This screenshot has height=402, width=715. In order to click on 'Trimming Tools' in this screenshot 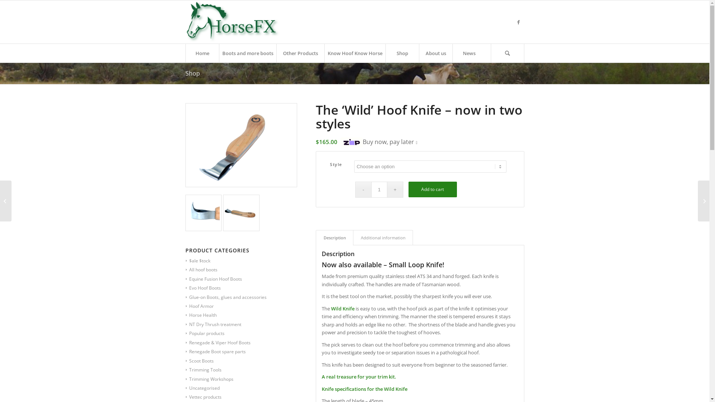, I will do `click(203, 370)`.